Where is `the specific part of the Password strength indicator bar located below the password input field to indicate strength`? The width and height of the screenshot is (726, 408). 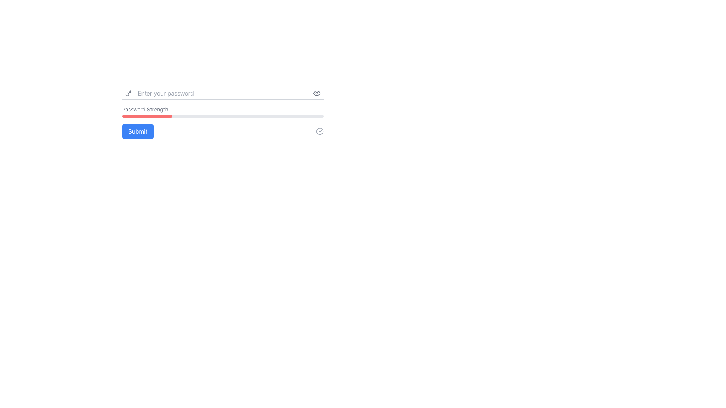
the specific part of the Password strength indicator bar located below the password input field to indicate strength is located at coordinates (222, 112).